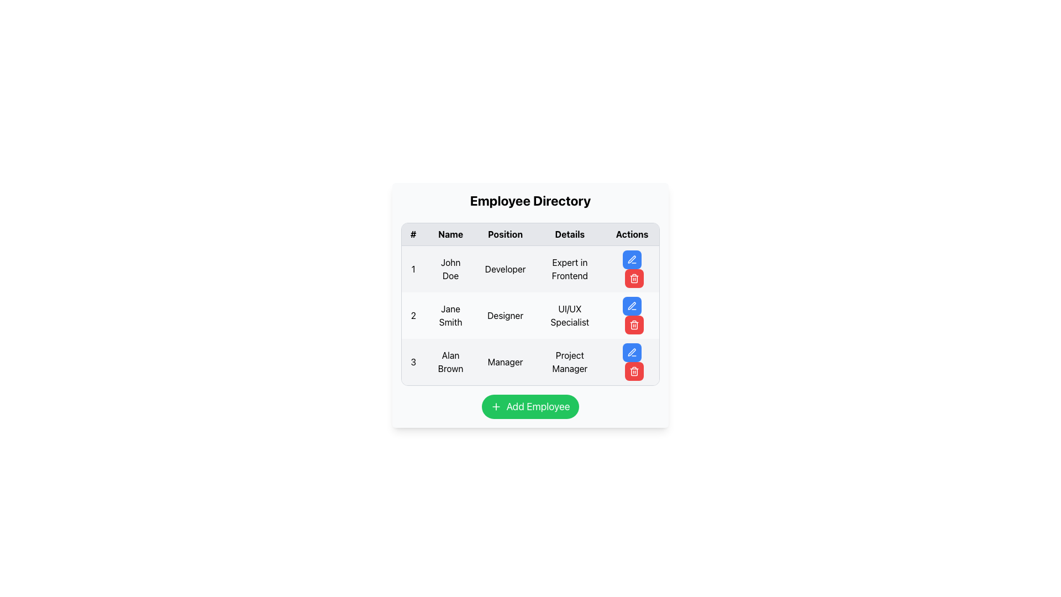 This screenshot has height=597, width=1061. What do you see at coordinates (632, 315) in the screenshot?
I see `the red delete button with a trash can icon located in the 'Actions' column of the second row for 'Jane Smith' in the 'Employee Directory'` at bounding box center [632, 315].